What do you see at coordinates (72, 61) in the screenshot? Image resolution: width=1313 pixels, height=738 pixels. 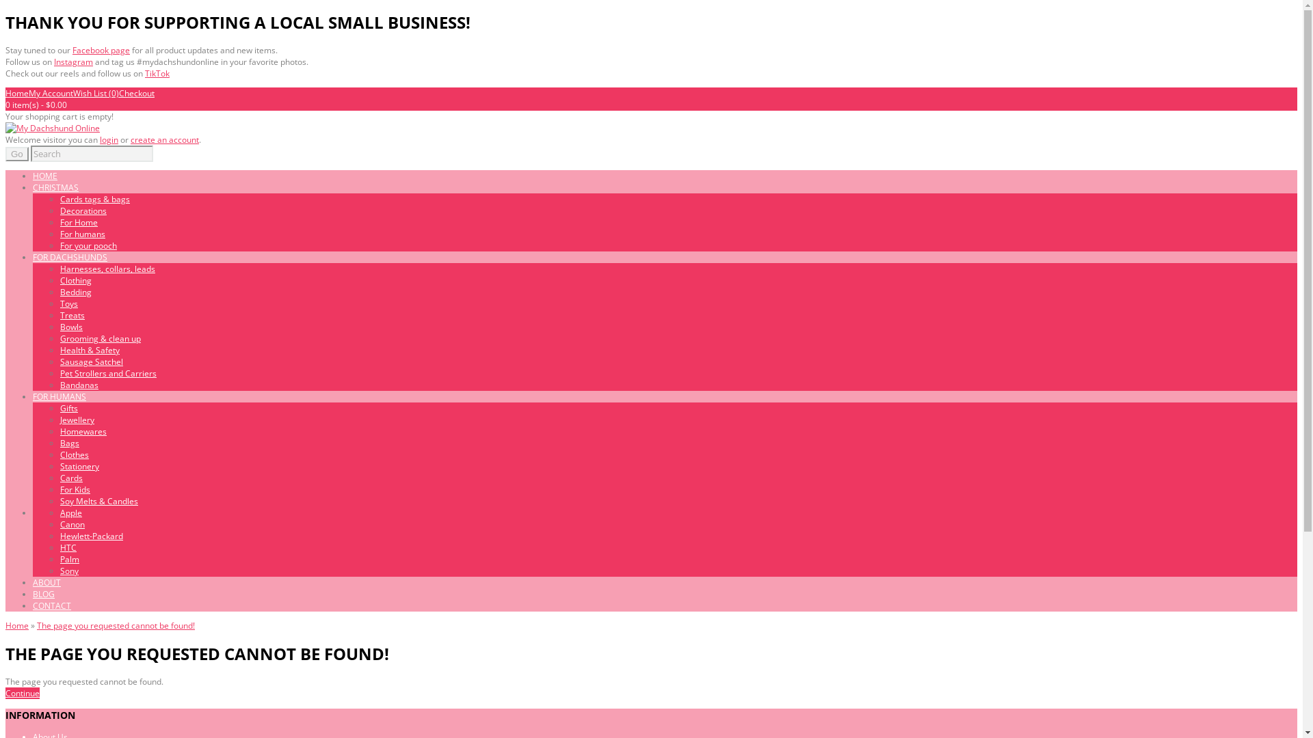 I see `'Instagram'` at bounding box center [72, 61].